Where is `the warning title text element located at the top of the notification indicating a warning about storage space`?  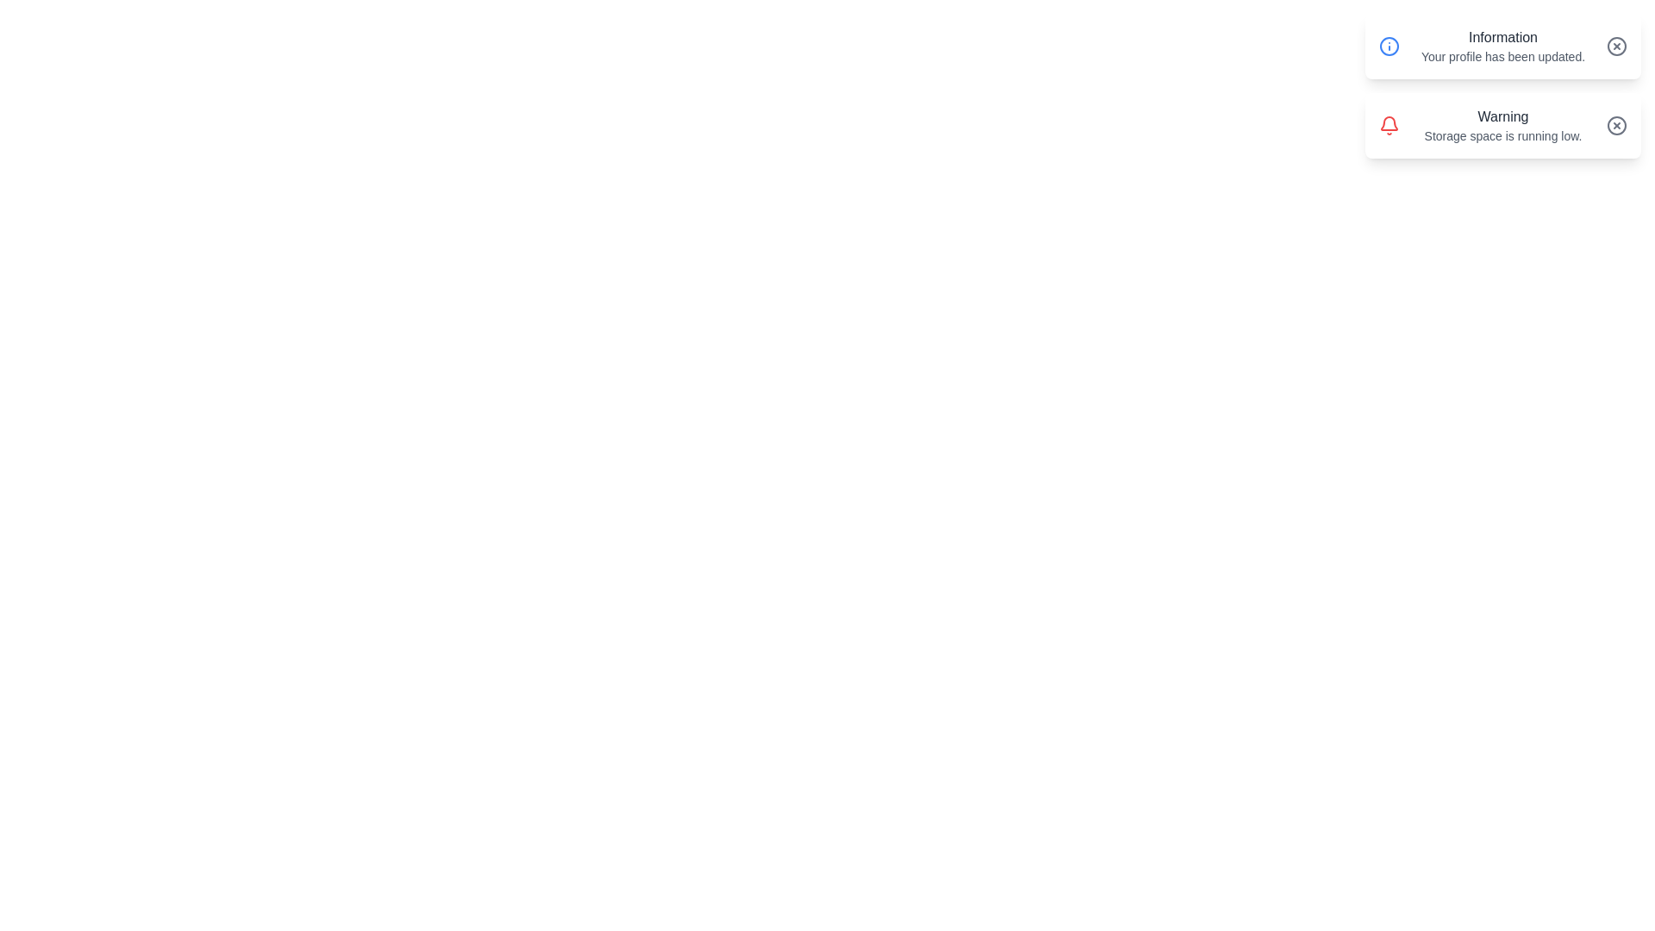
the warning title text element located at the top of the notification indicating a warning about storage space is located at coordinates (1502, 116).